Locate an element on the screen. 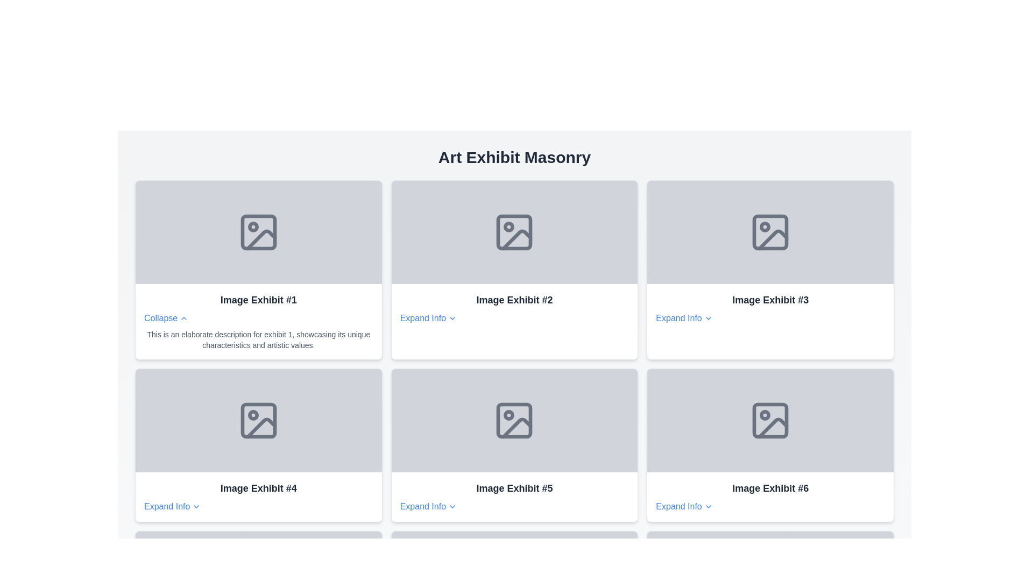 Image resolution: width=1033 pixels, height=581 pixels. the Dropdown indicator icon located to the right of the 'Expand Info' text label under the 'Image Exhibit #6' section is located at coordinates (708, 506).